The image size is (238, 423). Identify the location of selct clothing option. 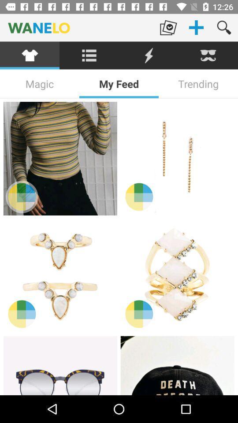
(30, 55).